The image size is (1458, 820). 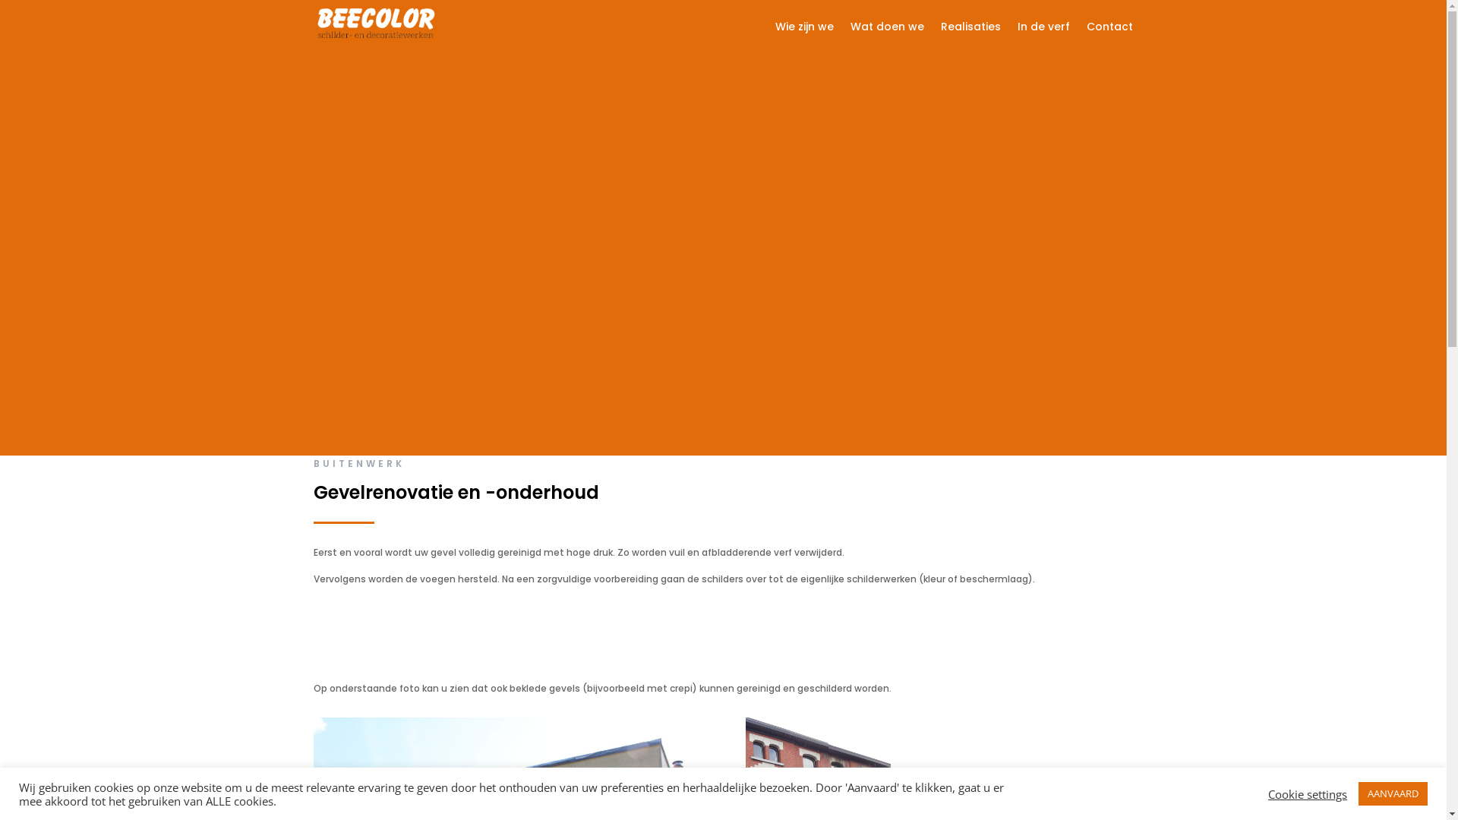 What do you see at coordinates (803, 29) in the screenshot?
I see `'Wie zijn we'` at bounding box center [803, 29].